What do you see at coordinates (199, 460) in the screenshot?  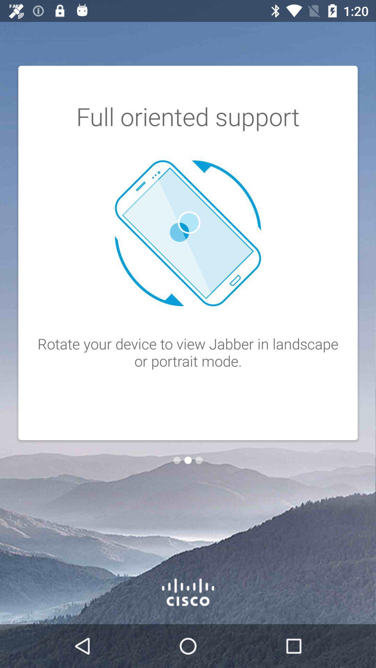 I see `item below the rotate your device` at bounding box center [199, 460].